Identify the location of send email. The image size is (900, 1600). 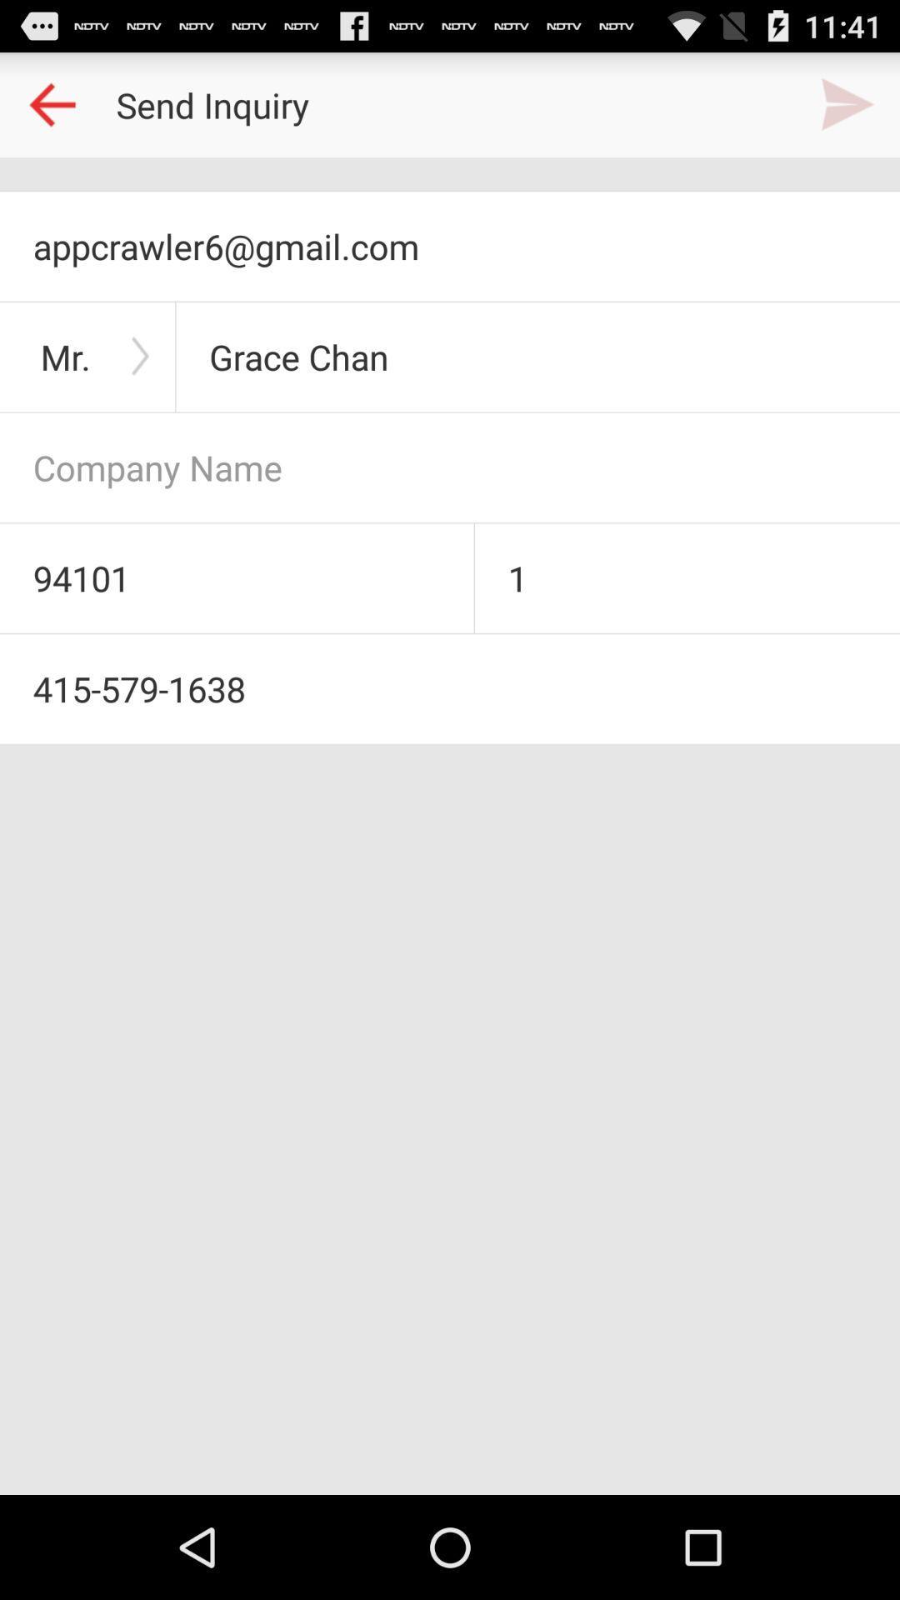
(847, 103).